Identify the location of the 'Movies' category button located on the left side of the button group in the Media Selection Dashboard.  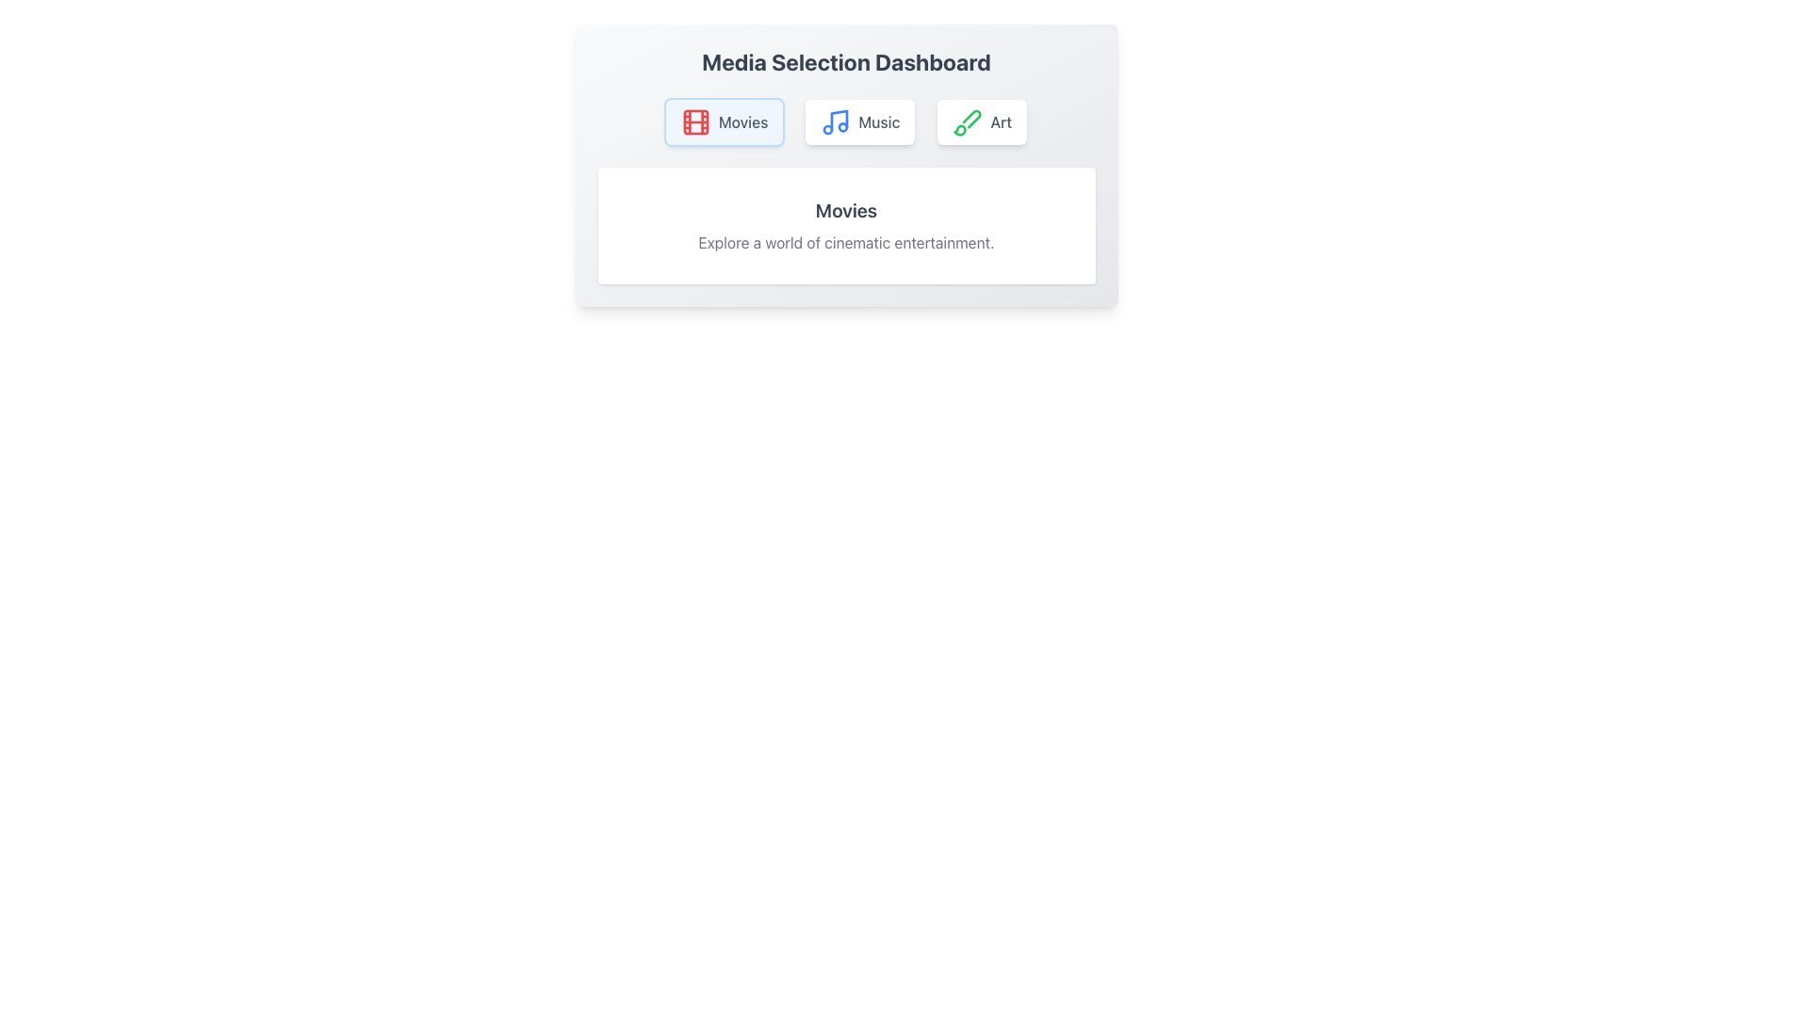
(724, 122).